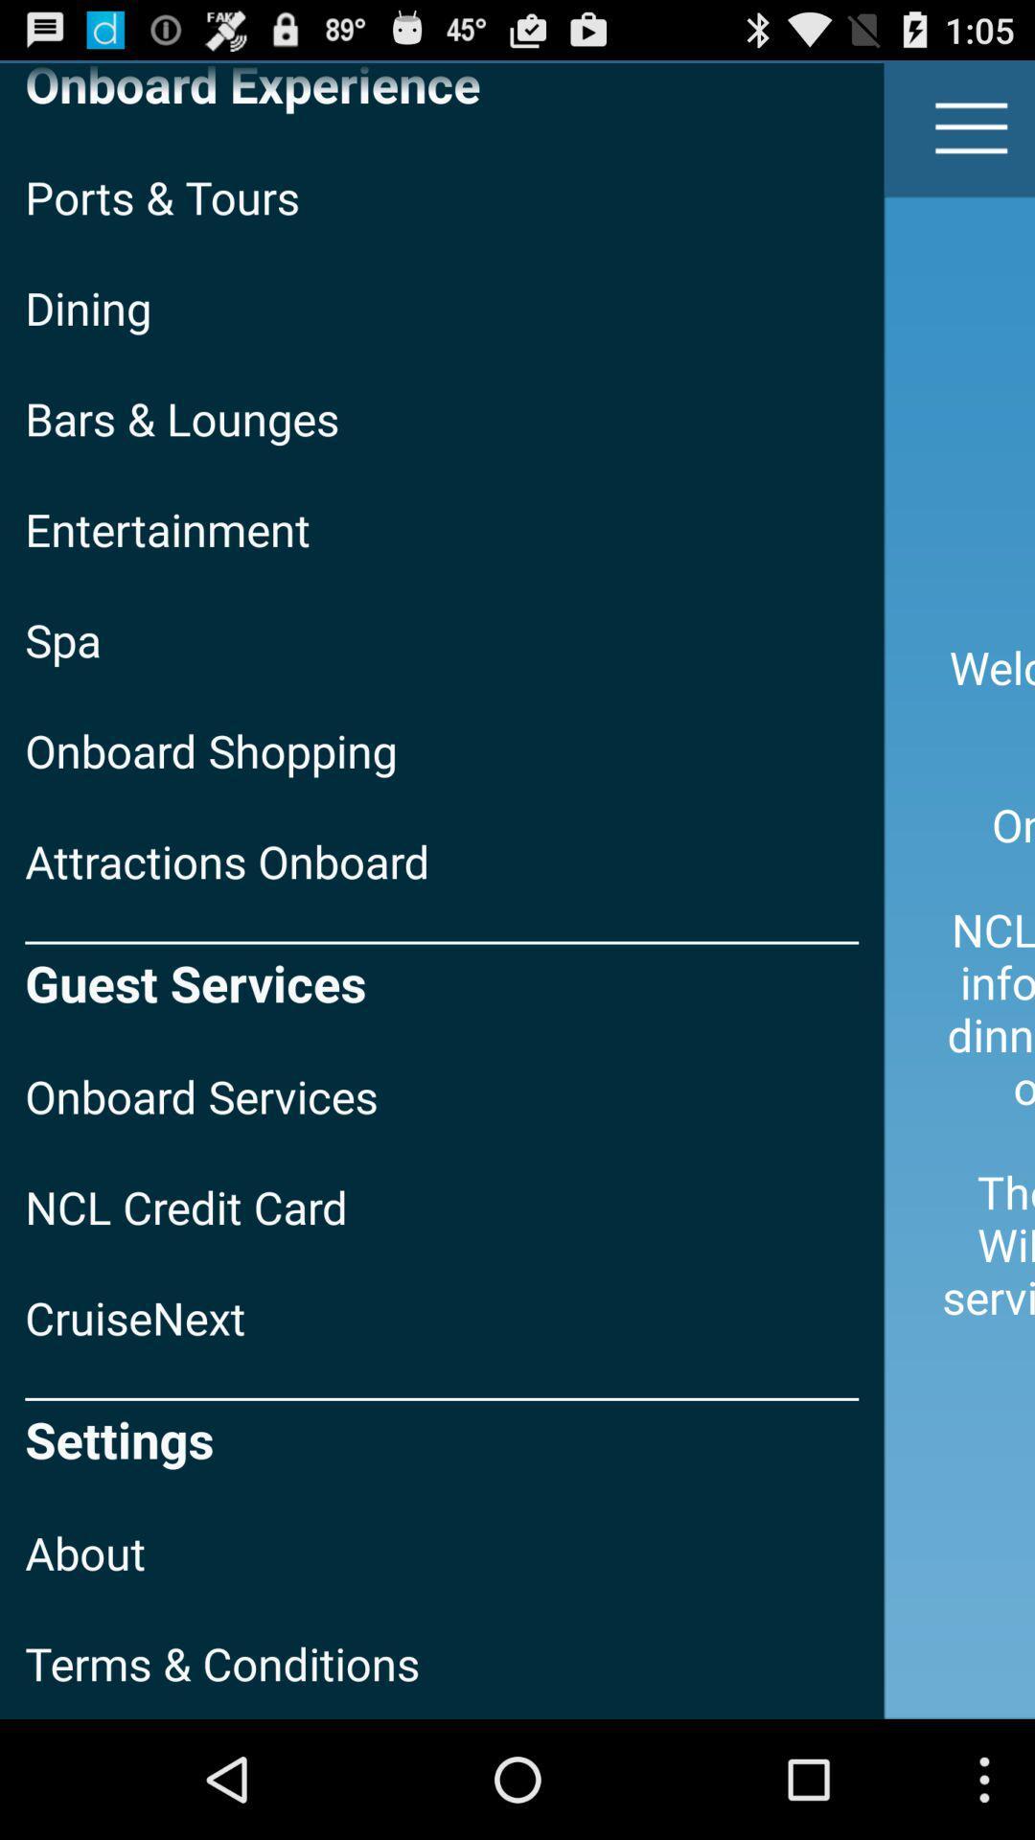 Image resolution: width=1035 pixels, height=1840 pixels. Describe the element at coordinates (972, 126) in the screenshot. I see `the item next to the onboard experience item` at that location.